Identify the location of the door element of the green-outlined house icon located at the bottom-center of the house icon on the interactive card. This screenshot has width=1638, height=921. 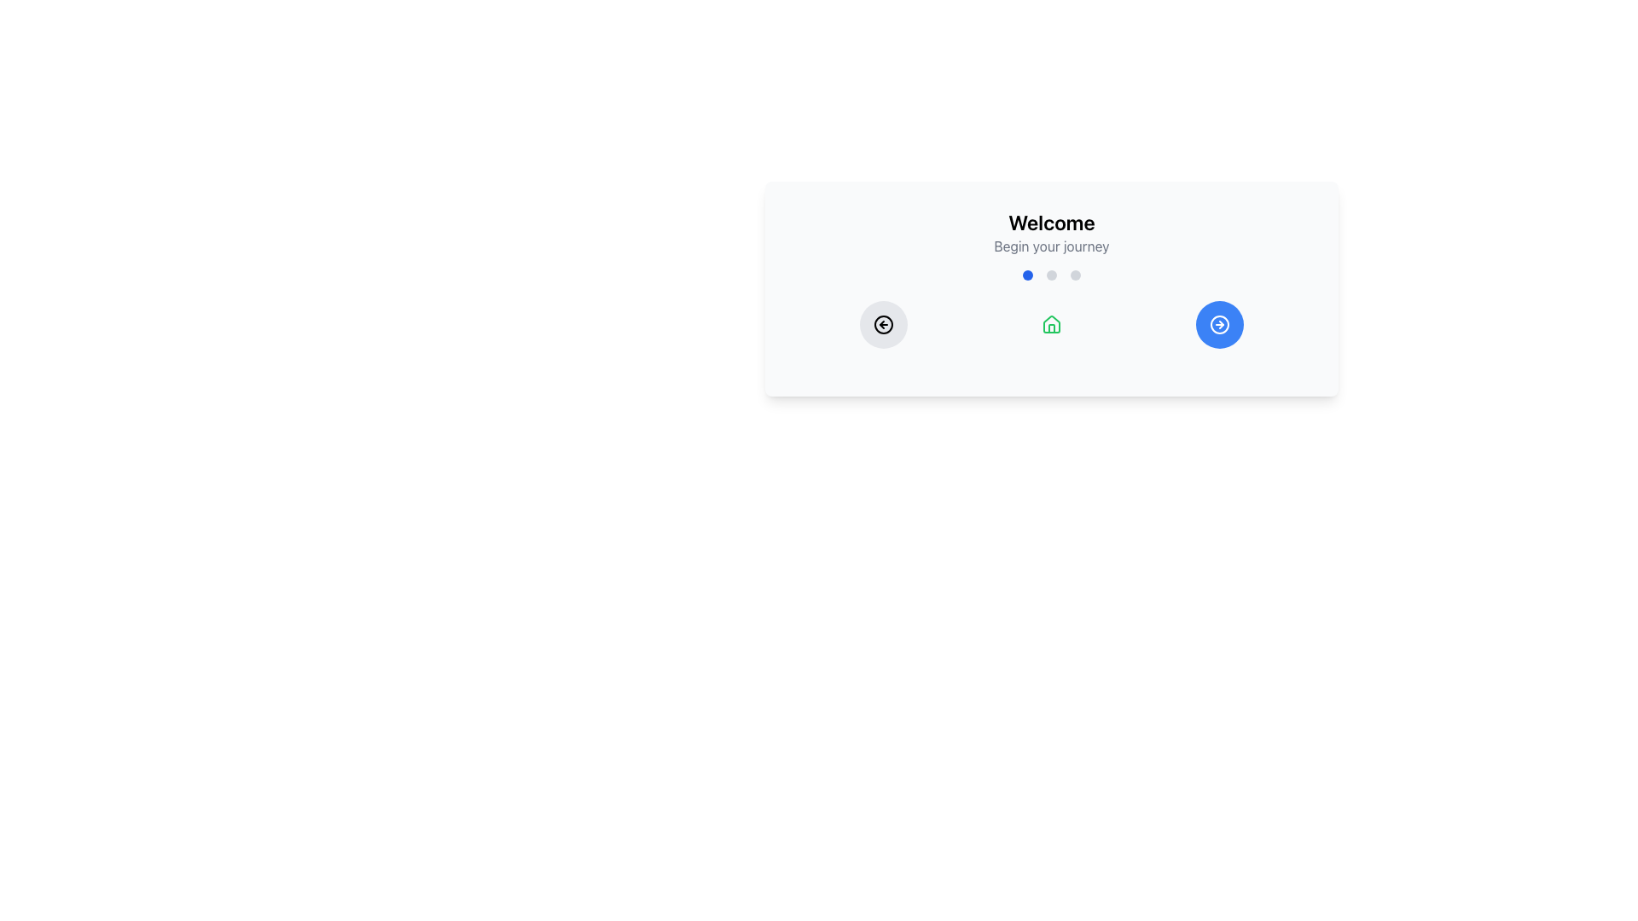
(1051, 328).